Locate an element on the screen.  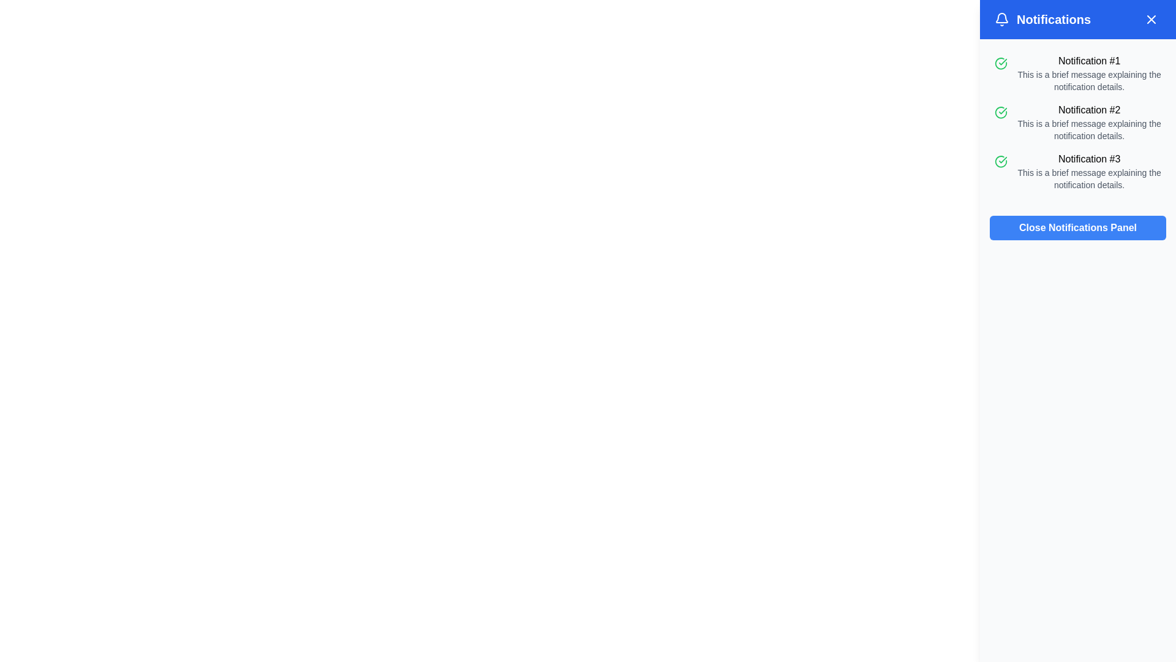
the close button in the top-right corner of the notification panel header is located at coordinates (1151, 19).